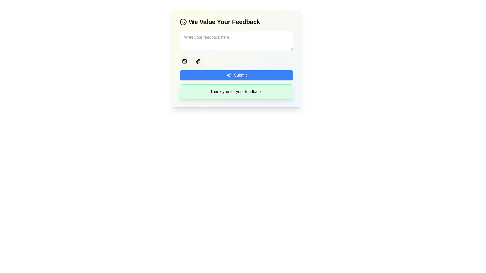  What do you see at coordinates (184, 61) in the screenshot?
I see `the first button for image-related actions located beneath the 'Write your feedback...' text field, positioned to the left of the paperclip icon button` at bounding box center [184, 61].